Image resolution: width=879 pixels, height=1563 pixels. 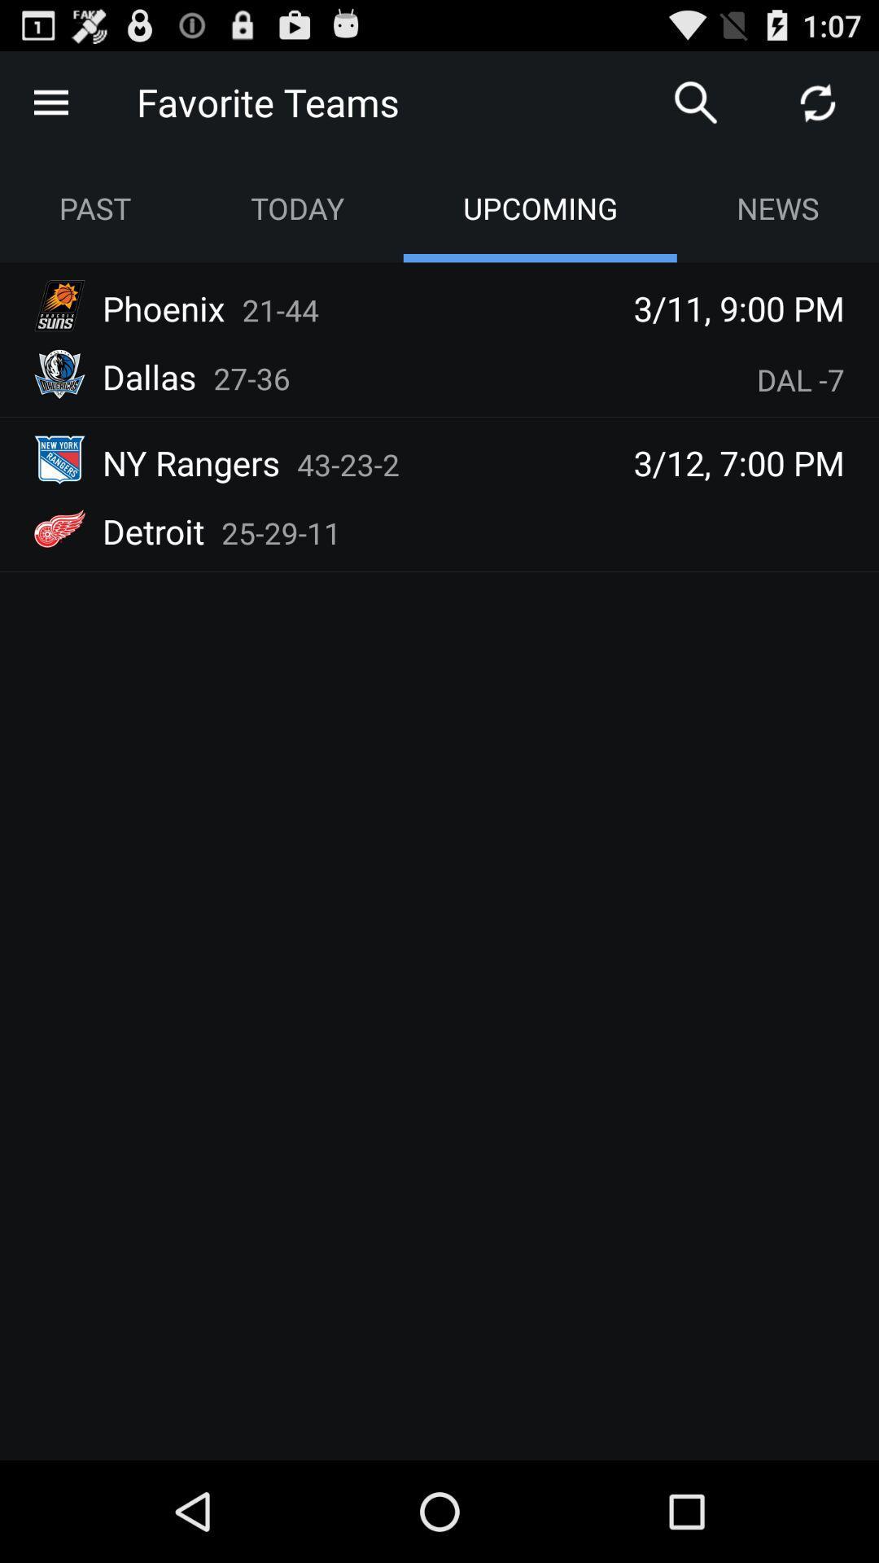 What do you see at coordinates (818, 108) in the screenshot?
I see `the refresh icon` at bounding box center [818, 108].